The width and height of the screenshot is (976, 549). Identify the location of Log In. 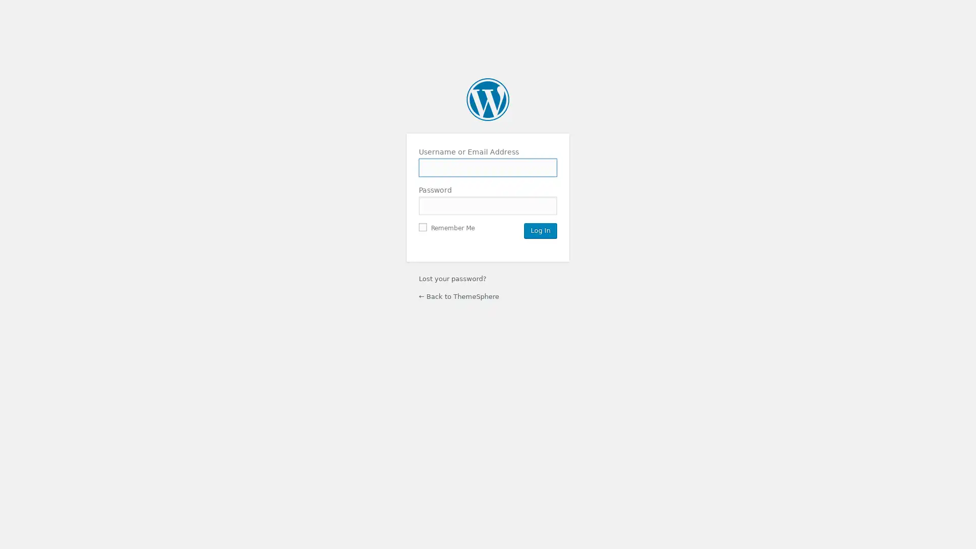
(540, 230).